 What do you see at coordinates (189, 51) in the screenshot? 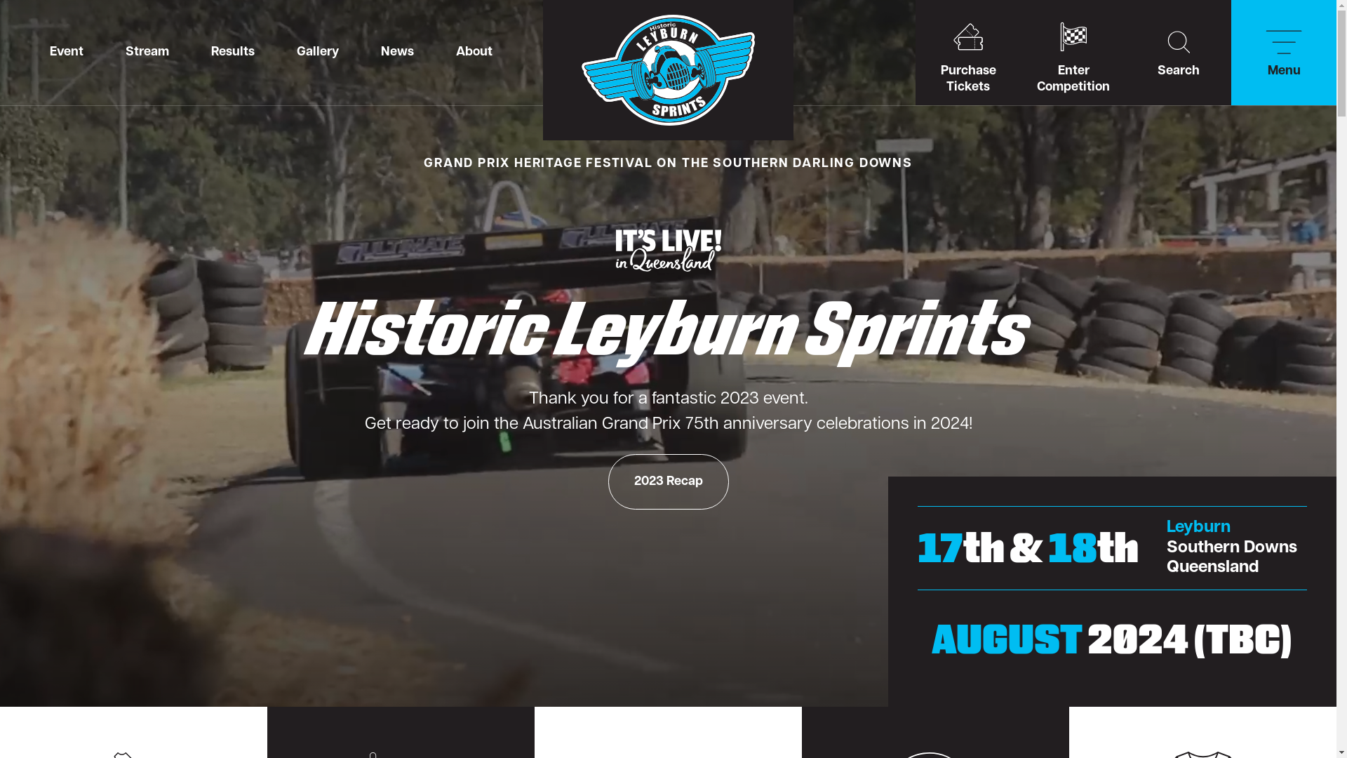
I see `'Results'` at bounding box center [189, 51].